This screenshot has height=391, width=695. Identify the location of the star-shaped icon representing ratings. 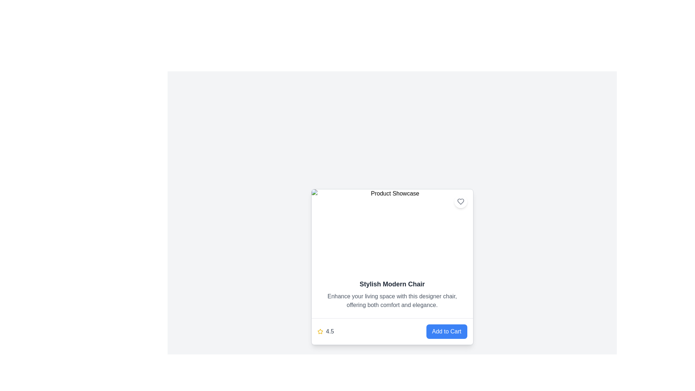
(320, 331).